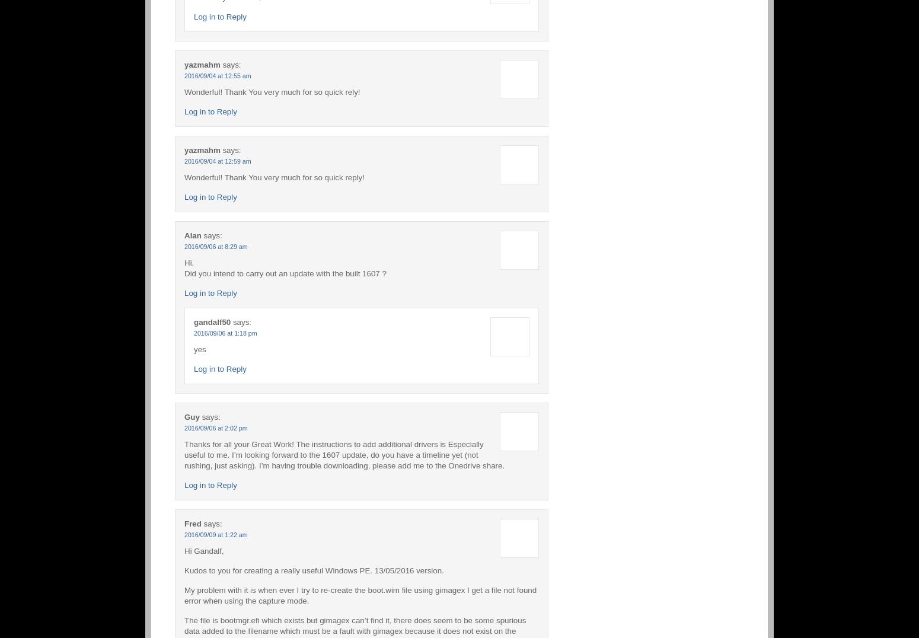 The width and height of the screenshot is (919, 638). What do you see at coordinates (272, 91) in the screenshot?
I see `'Wonderful! Thank You very much for so quick rely!'` at bounding box center [272, 91].